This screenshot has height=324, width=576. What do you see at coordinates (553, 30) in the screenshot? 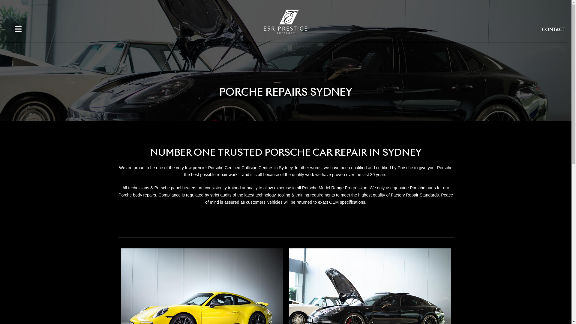
I see `'CONTACT'` at bounding box center [553, 30].